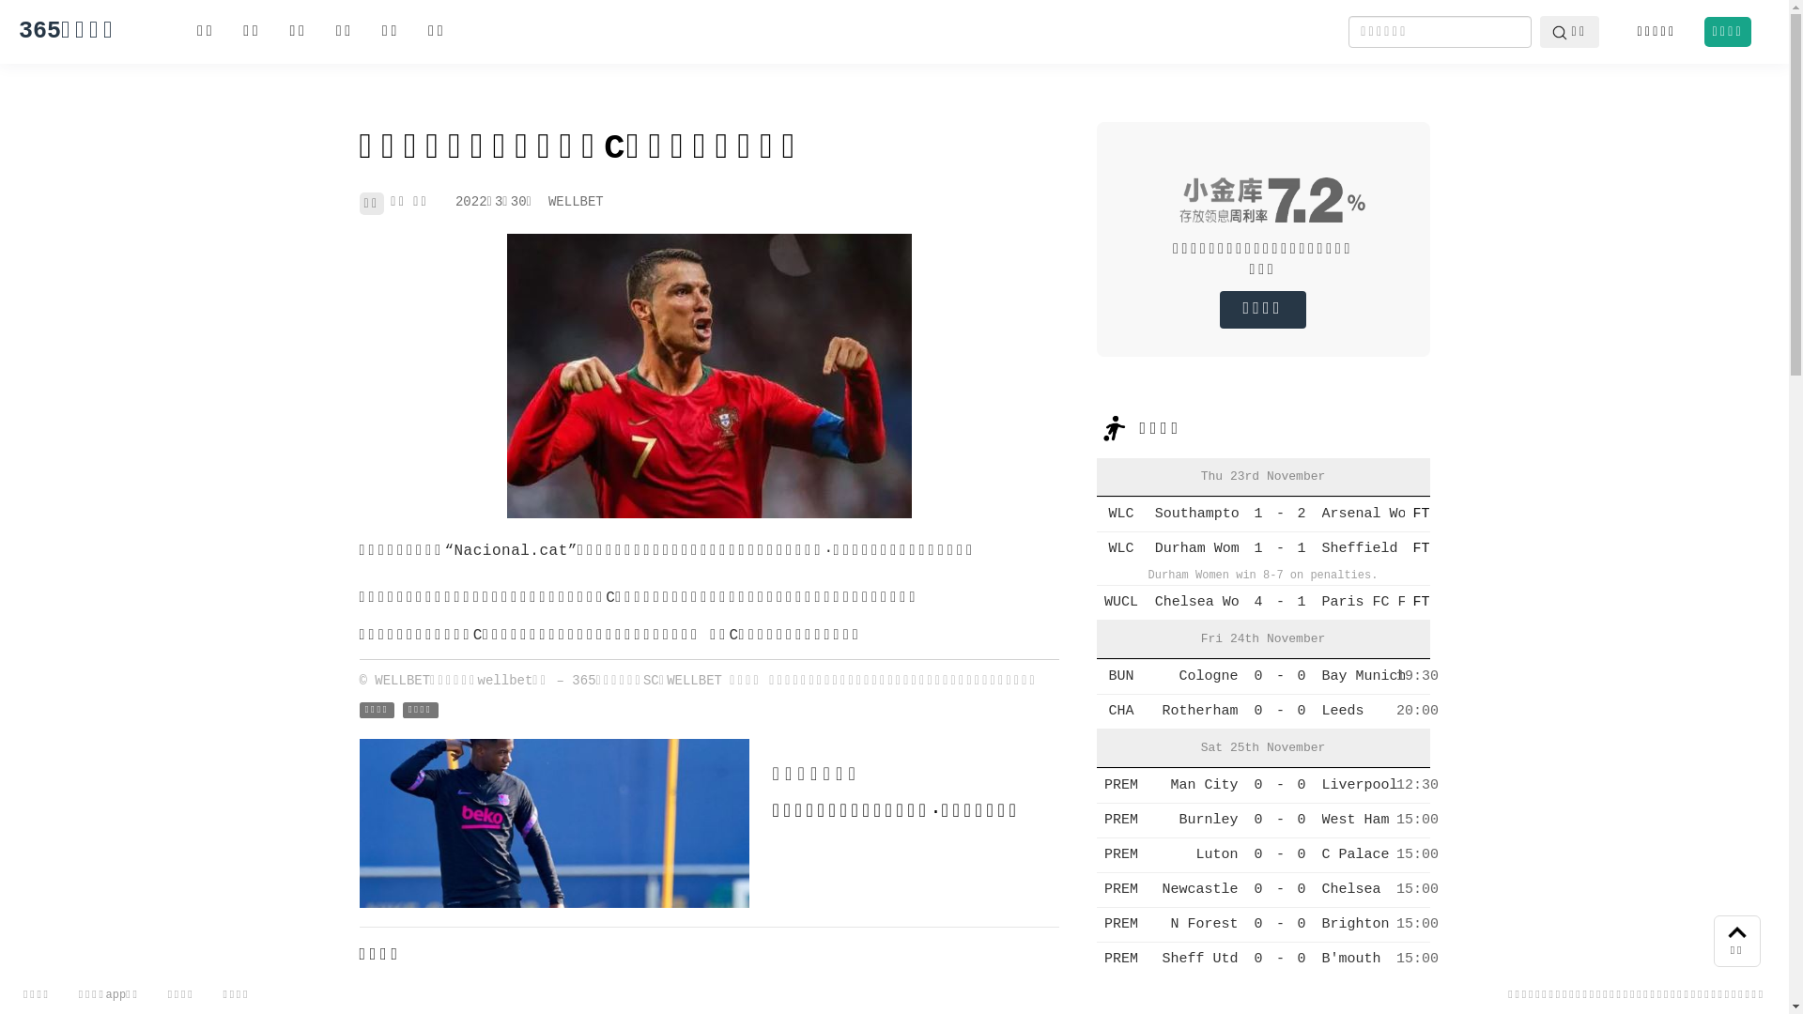 The image size is (1803, 1014). What do you see at coordinates (547, 202) in the screenshot?
I see `'WELLBET'` at bounding box center [547, 202].